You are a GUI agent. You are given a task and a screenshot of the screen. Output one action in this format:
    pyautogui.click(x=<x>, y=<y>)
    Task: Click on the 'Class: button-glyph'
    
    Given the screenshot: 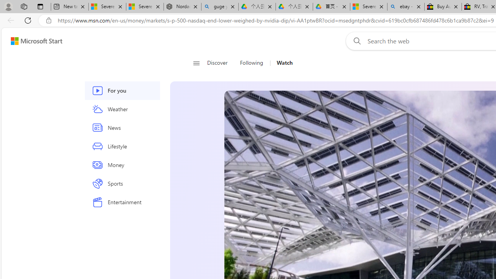 What is the action you would take?
    pyautogui.click(x=196, y=63)
    